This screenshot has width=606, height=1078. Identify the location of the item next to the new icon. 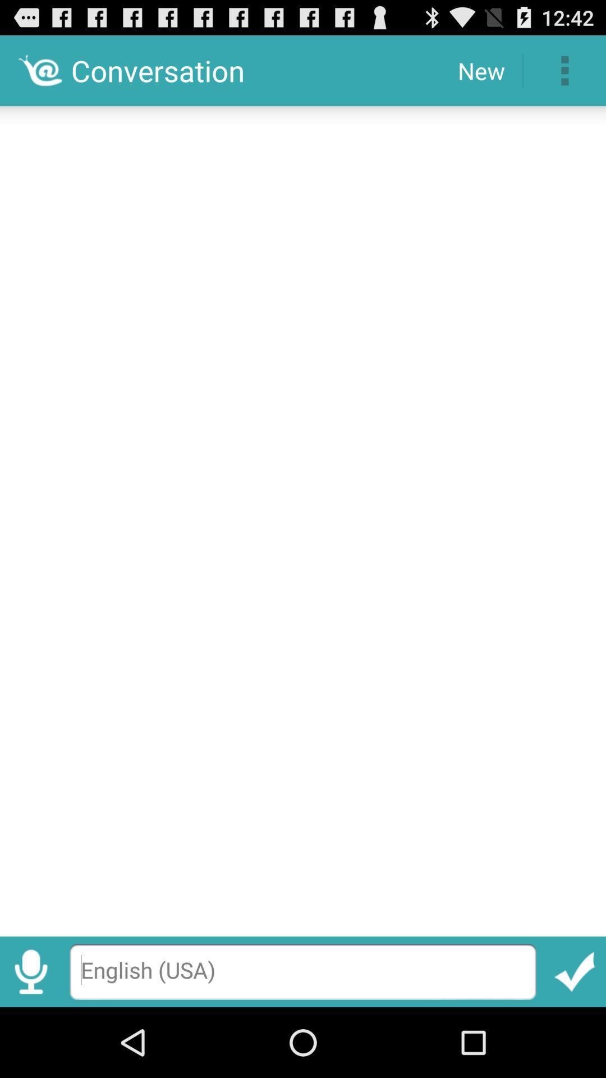
(564, 70).